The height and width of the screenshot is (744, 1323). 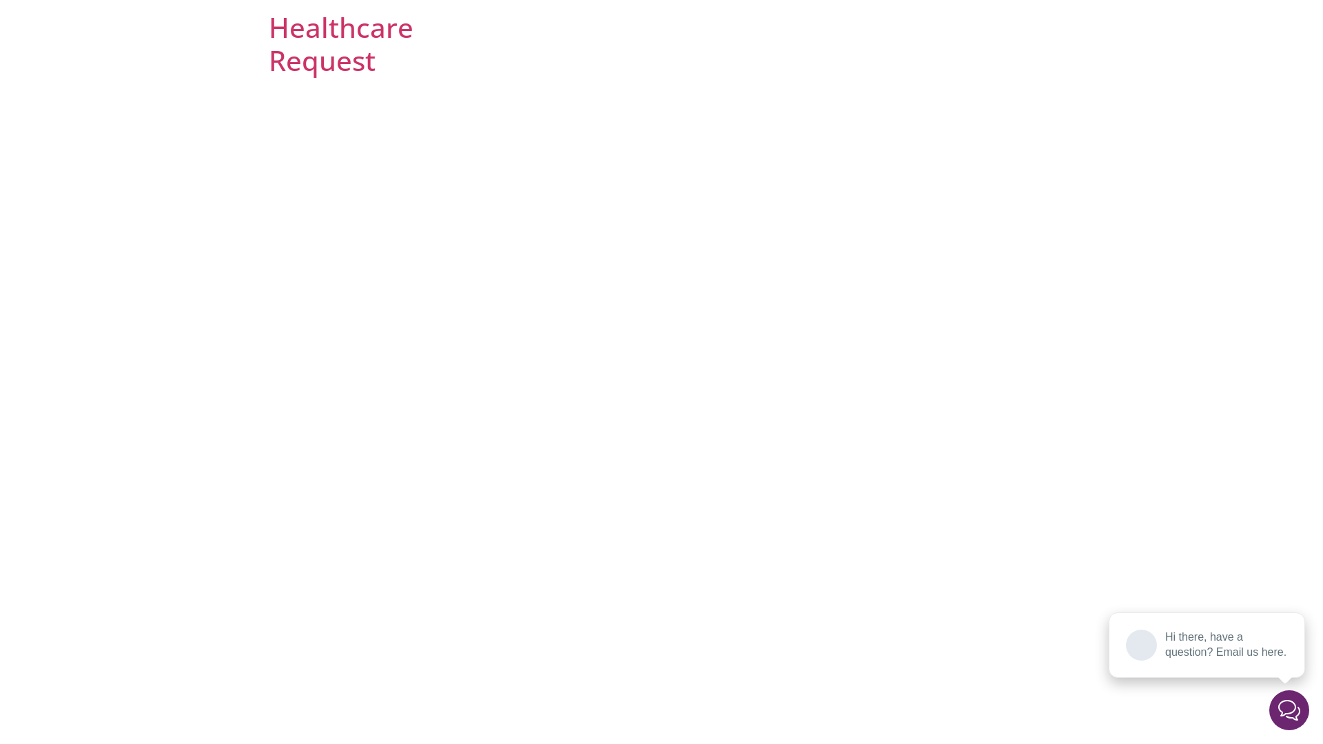 I want to click on 'Healthcare Request', so click(x=340, y=43).